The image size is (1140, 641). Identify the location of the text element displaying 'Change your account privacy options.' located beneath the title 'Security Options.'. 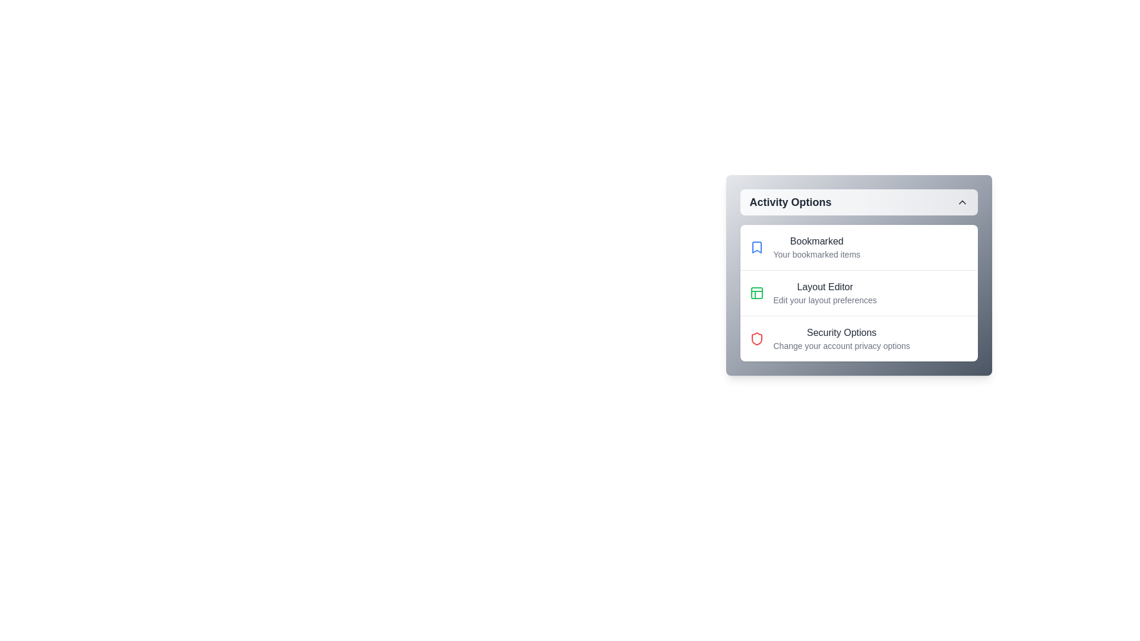
(841, 345).